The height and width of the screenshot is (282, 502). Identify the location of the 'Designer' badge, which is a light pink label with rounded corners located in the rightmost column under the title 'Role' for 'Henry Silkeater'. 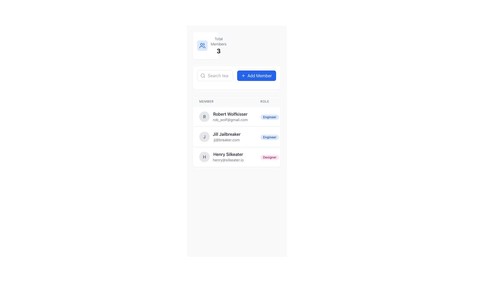
(270, 156).